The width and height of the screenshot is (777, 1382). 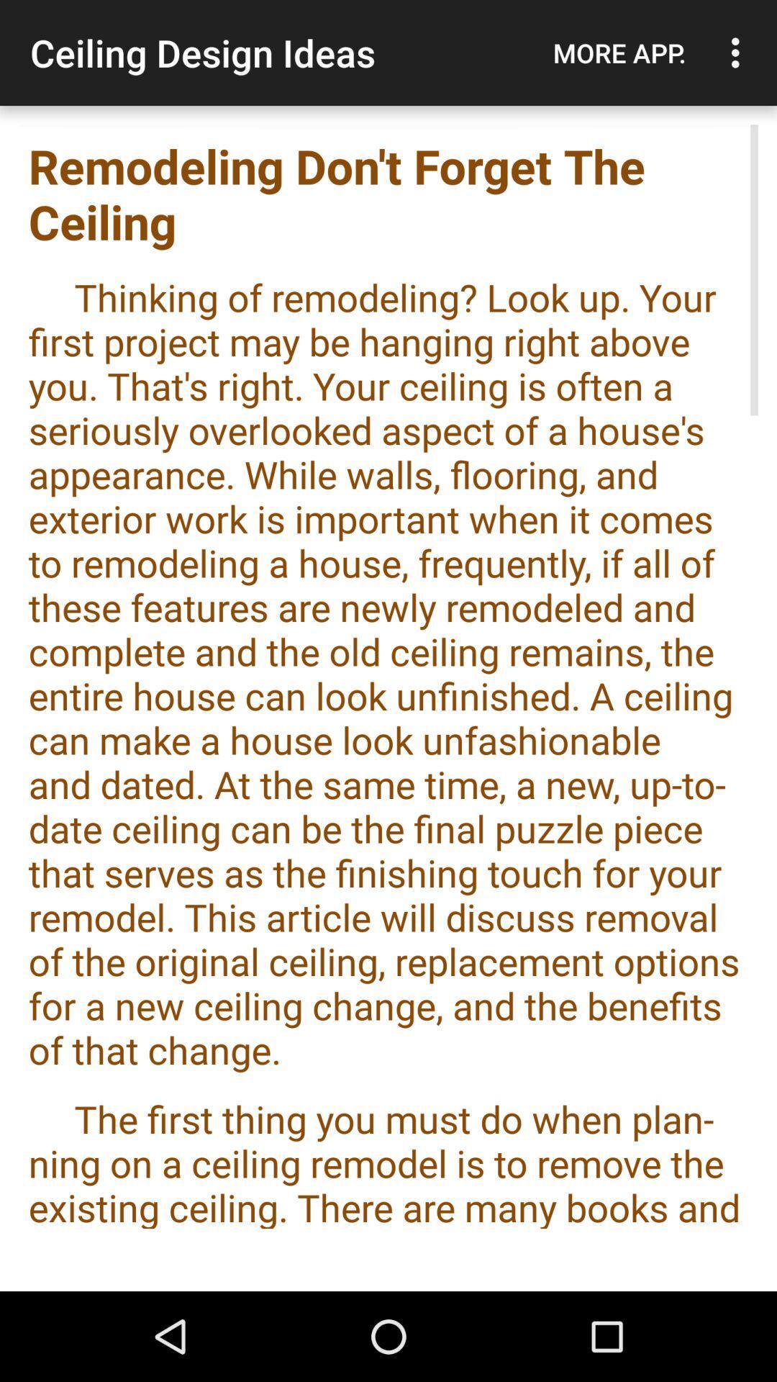 What do you see at coordinates (739, 53) in the screenshot?
I see `app above remodeling don t item` at bounding box center [739, 53].